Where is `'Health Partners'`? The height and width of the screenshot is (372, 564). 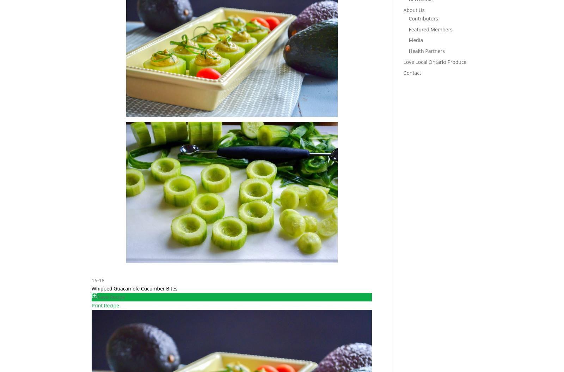 'Health Partners' is located at coordinates (426, 51).